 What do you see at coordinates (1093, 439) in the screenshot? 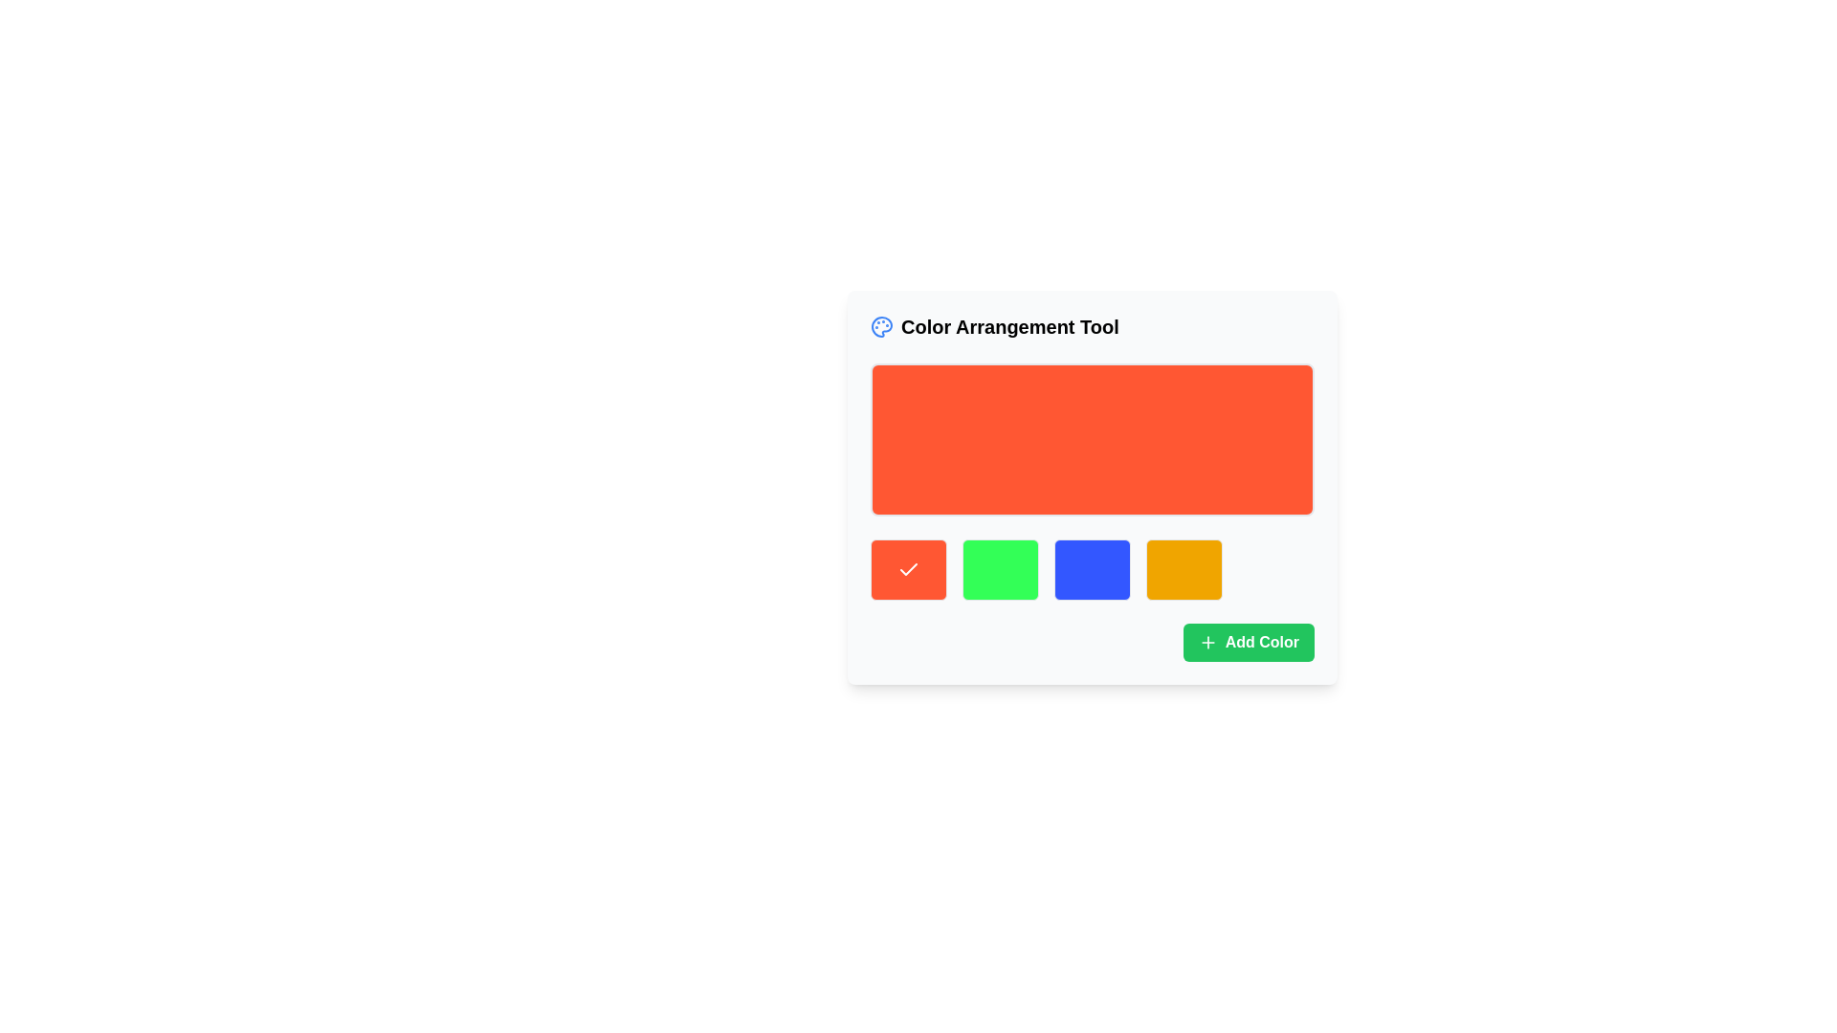
I see `the rectangular, orange box with rounded corners` at bounding box center [1093, 439].